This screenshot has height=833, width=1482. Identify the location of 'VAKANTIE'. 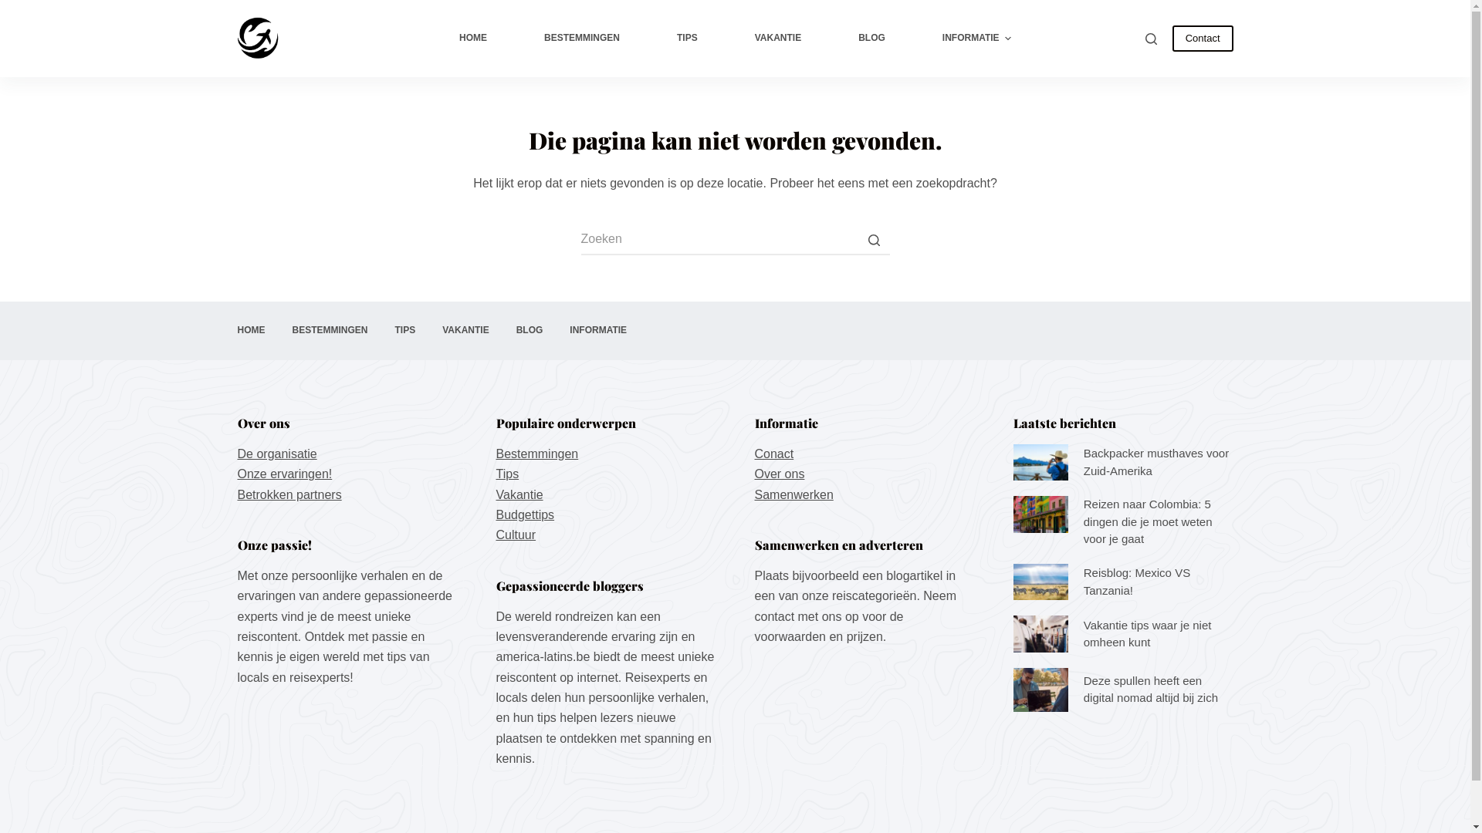
(778, 38).